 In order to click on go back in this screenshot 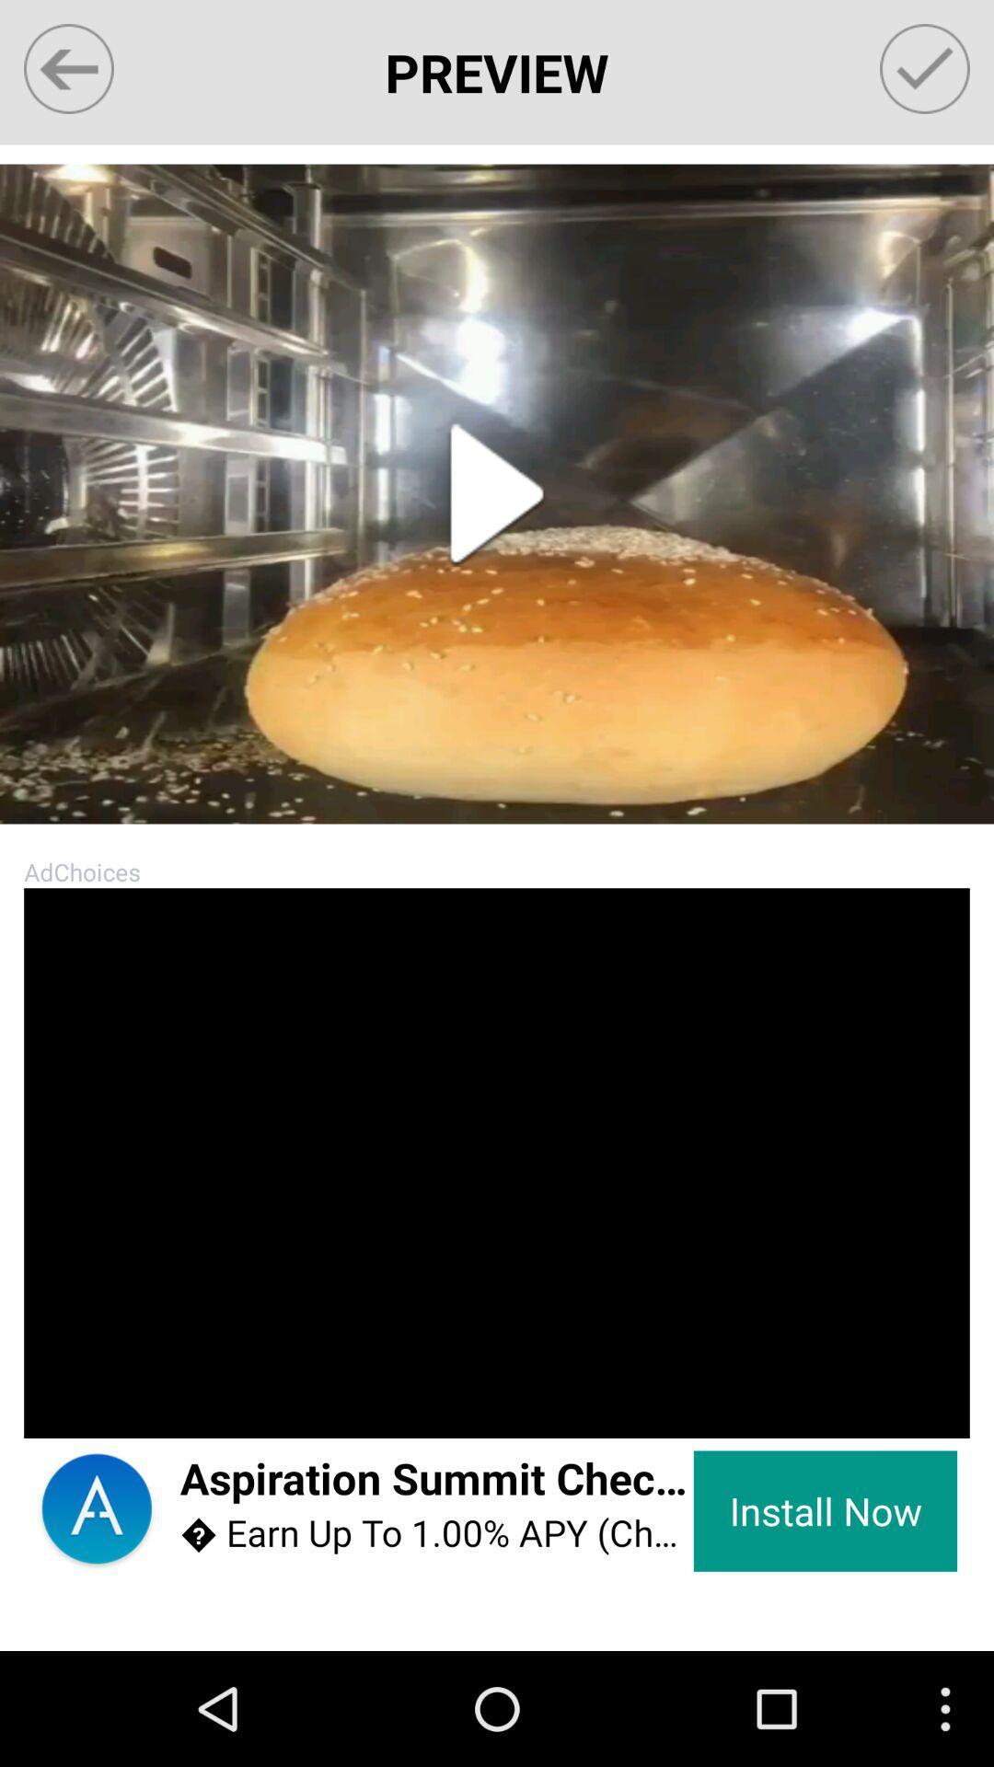, I will do `click(67, 69)`.